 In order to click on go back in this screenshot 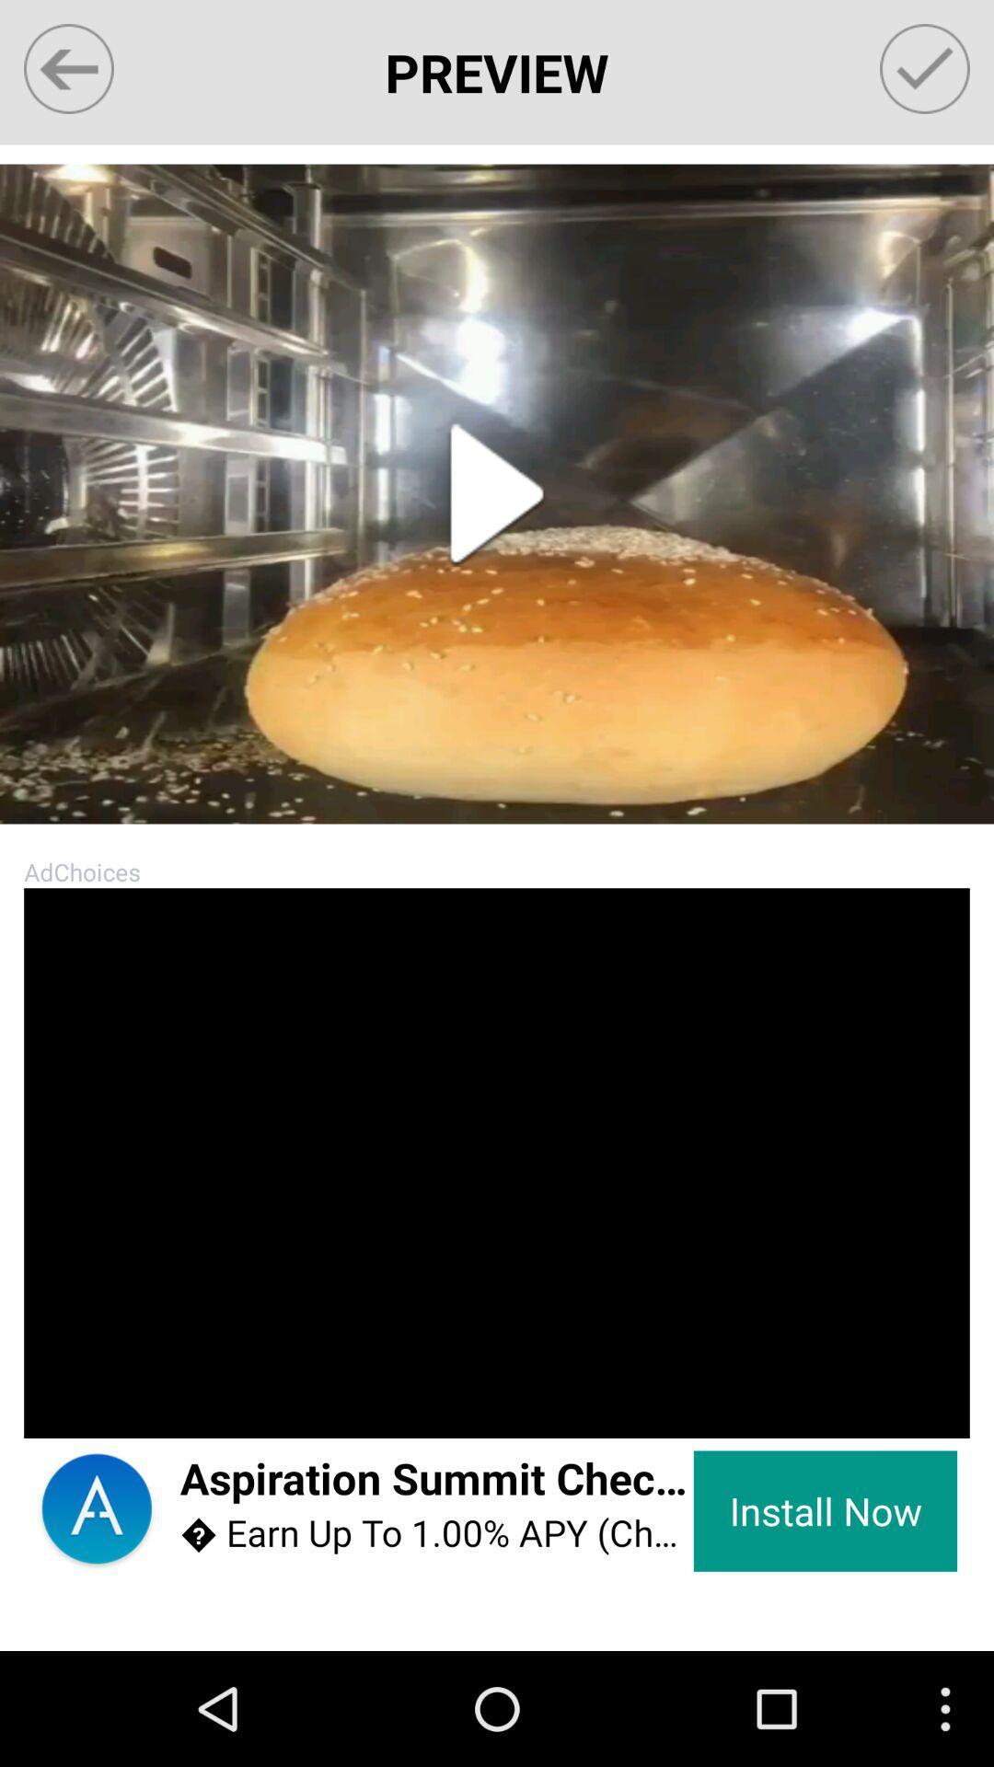, I will do `click(67, 69)`.